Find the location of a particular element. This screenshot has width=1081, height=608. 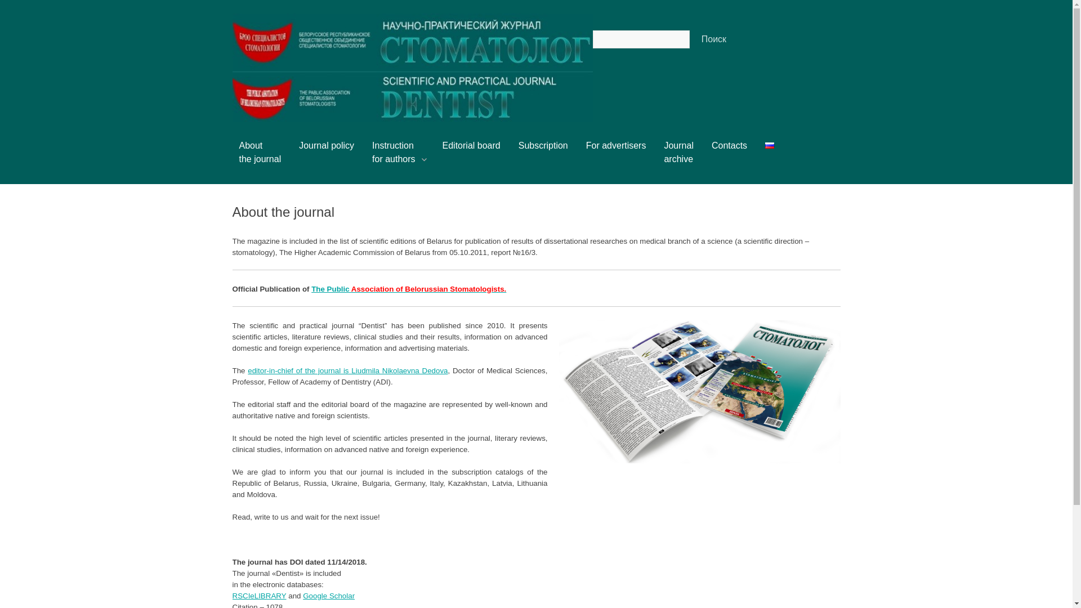

'Skip to content' is located at coordinates (250, 145).